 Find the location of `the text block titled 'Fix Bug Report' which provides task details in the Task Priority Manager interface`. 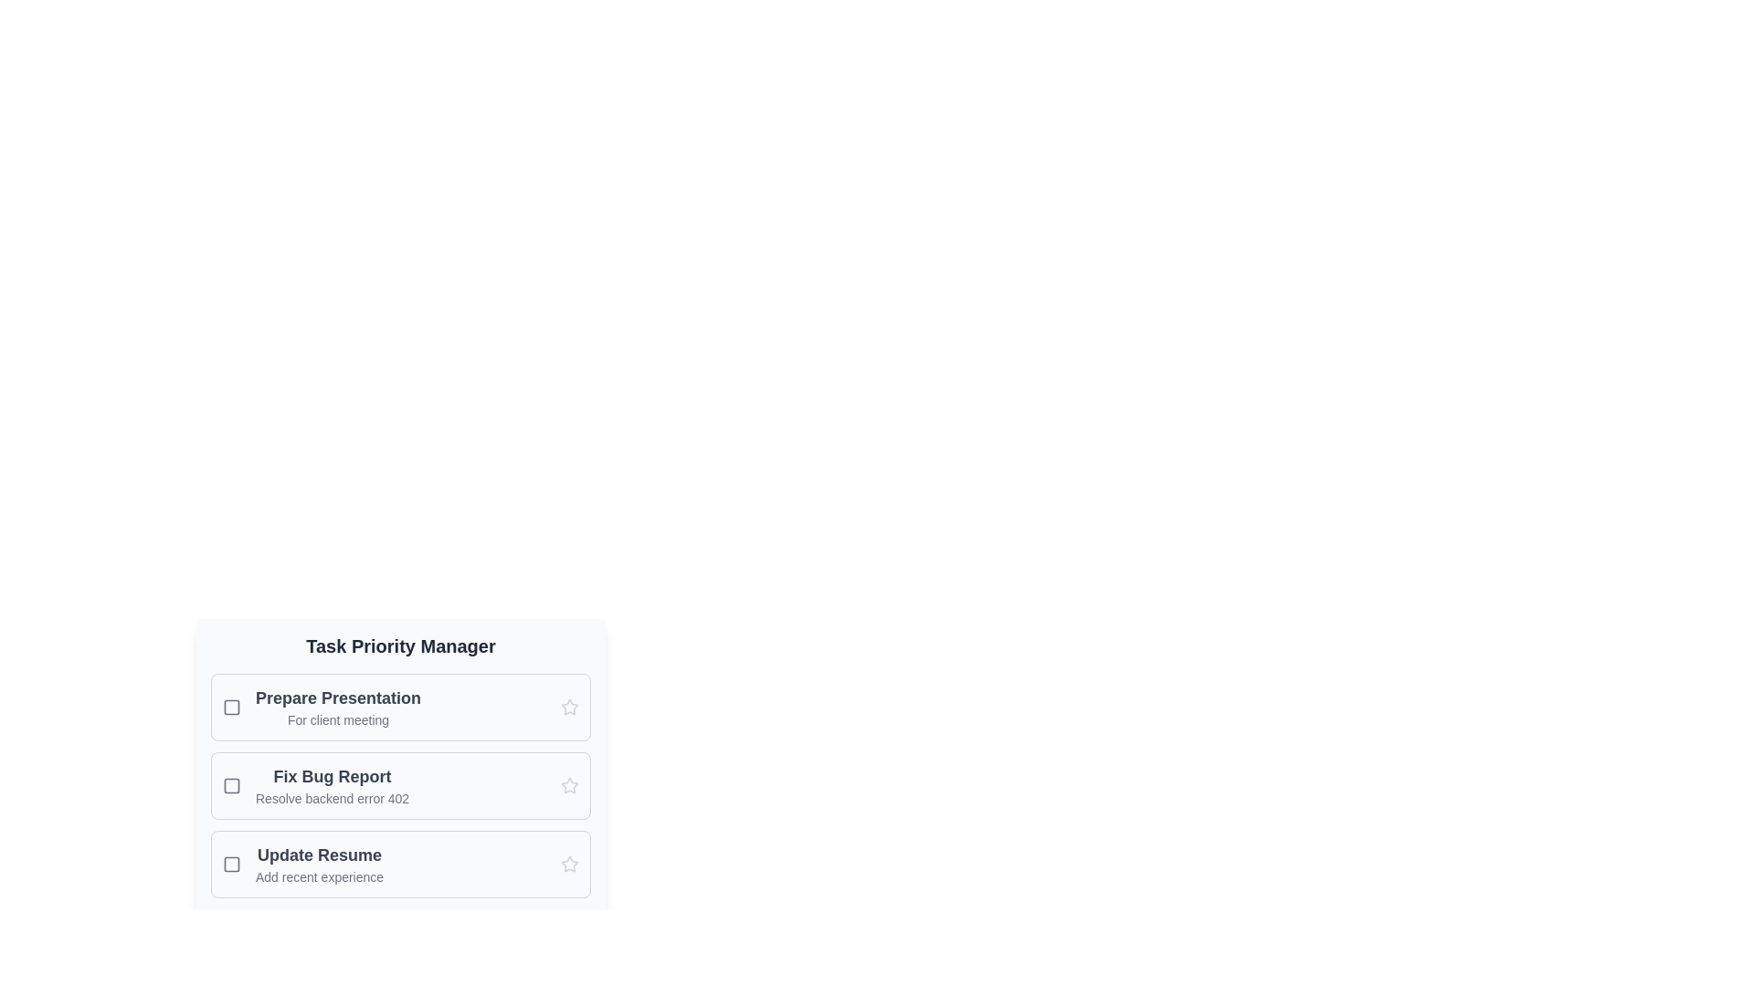

the text block titled 'Fix Bug Report' which provides task details in the Task Priority Manager interface is located at coordinates (333, 784).